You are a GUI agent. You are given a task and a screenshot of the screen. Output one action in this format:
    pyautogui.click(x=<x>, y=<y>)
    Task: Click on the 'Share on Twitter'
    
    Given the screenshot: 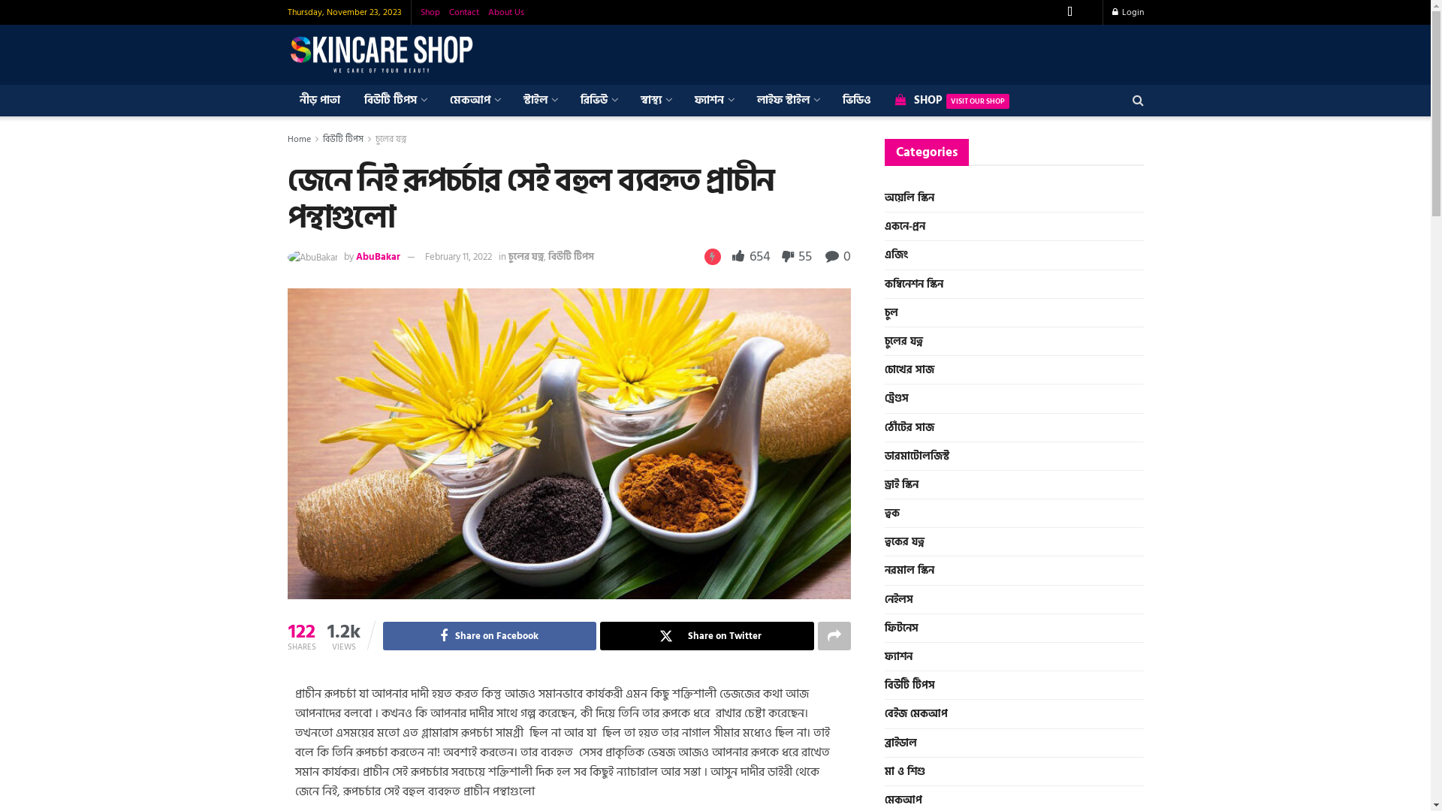 What is the action you would take?
    pyautogui.click(x=599, y=636)
    